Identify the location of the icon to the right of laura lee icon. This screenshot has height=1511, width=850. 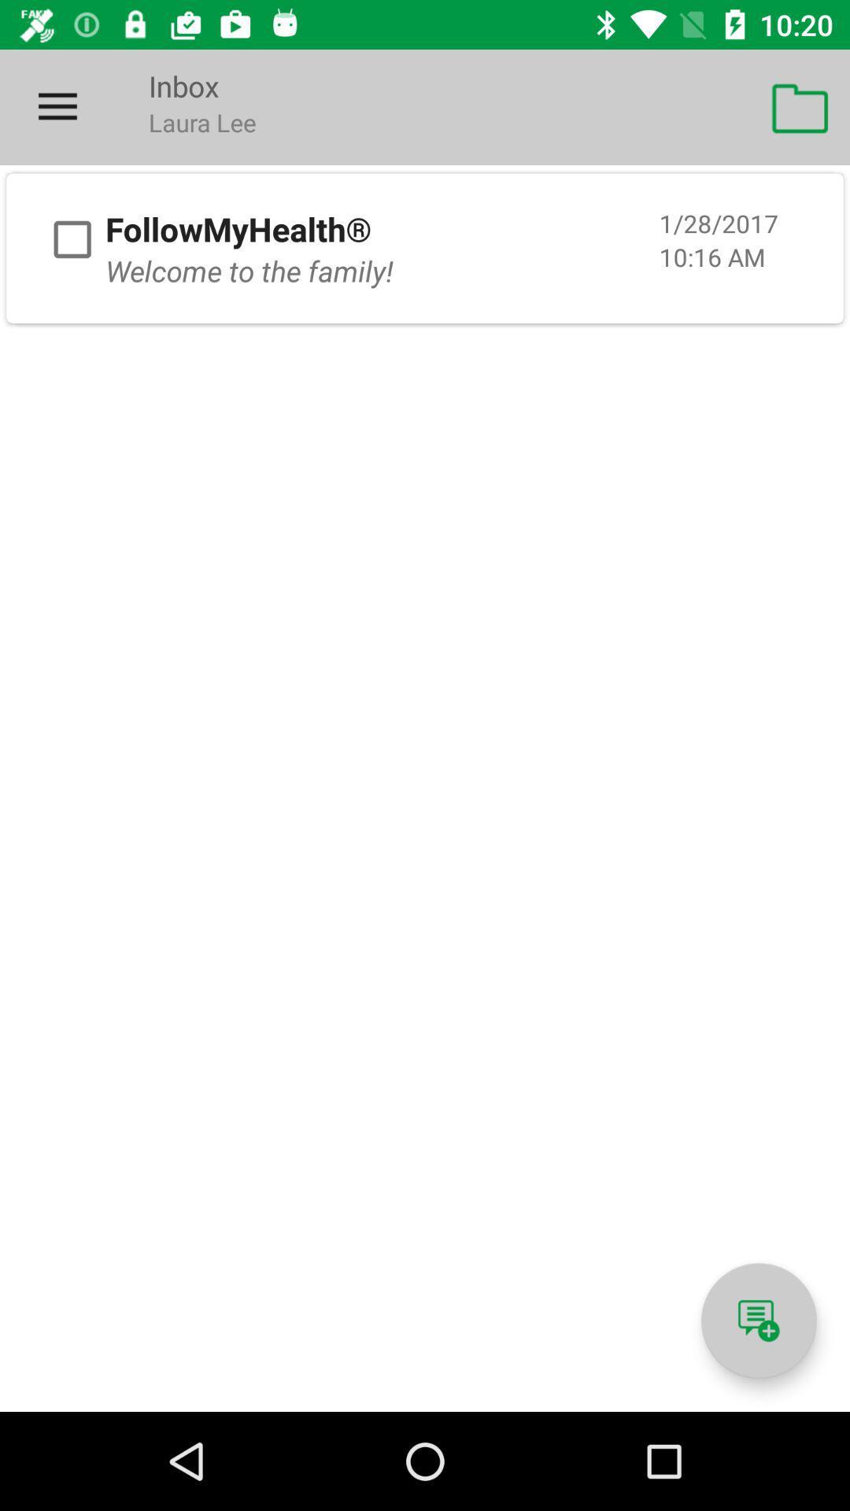
(800, 106).